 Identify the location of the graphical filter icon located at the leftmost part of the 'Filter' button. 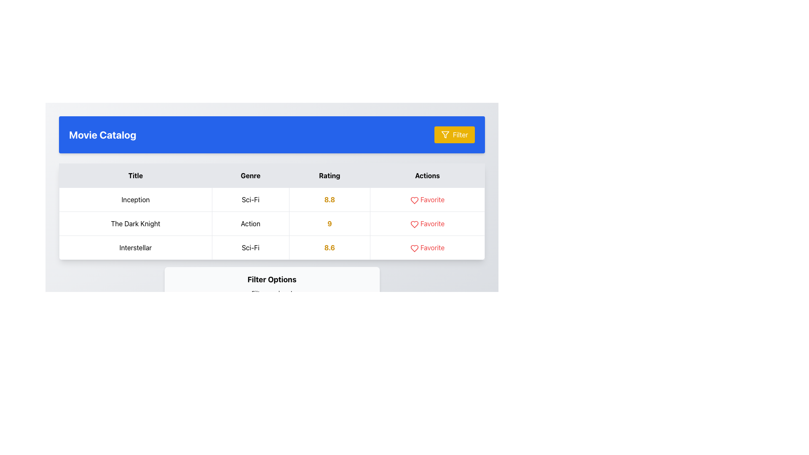
(445, 134).